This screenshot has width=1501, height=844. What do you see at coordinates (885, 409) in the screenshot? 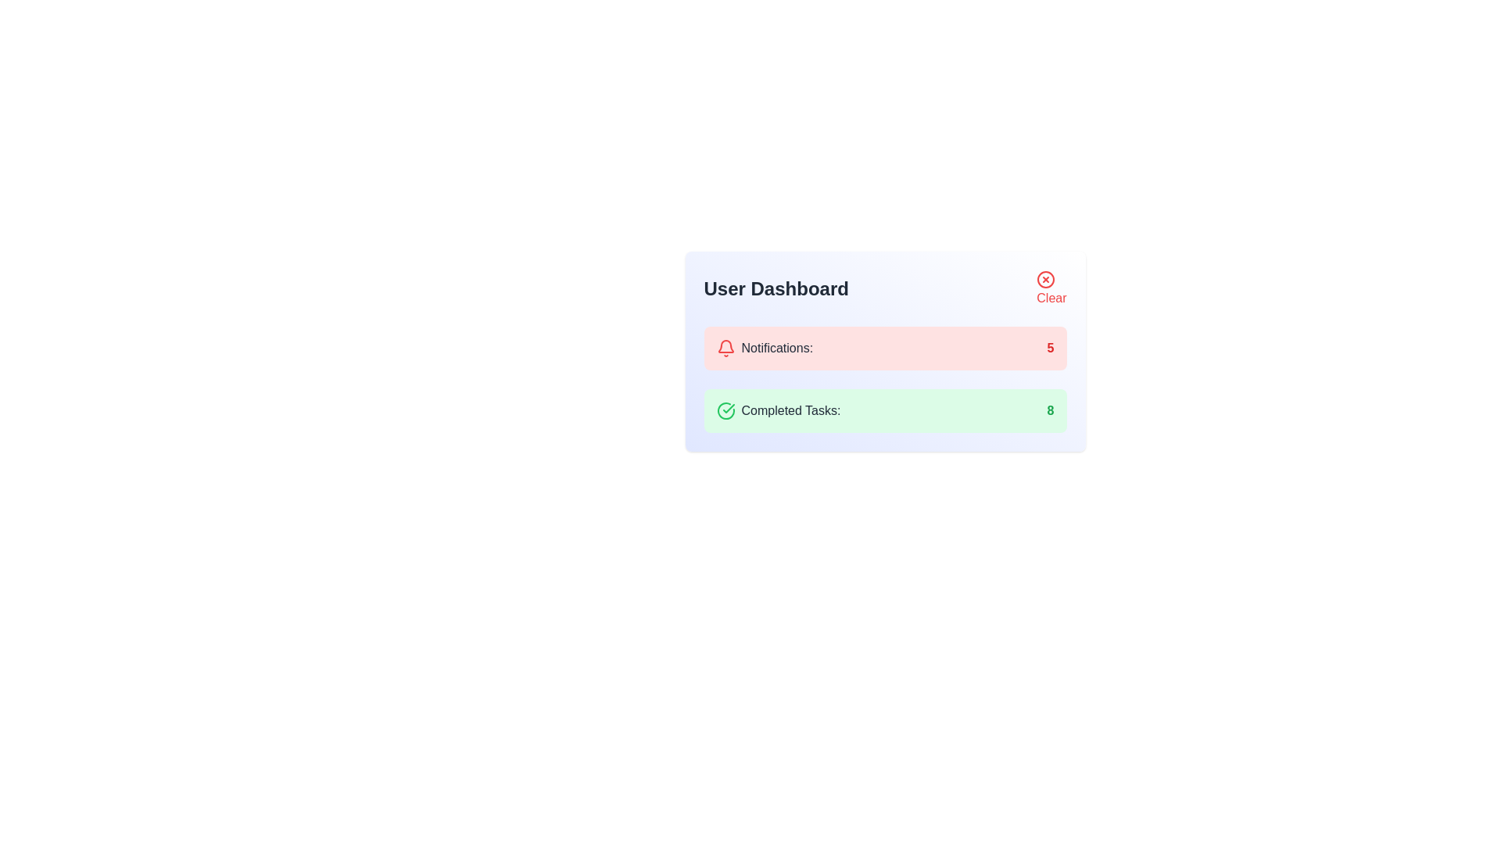
I see `the informational bar displaying the number of completed tasks, located below the Notifications bar in the User Dashboard` at bounding box center [885, 409].